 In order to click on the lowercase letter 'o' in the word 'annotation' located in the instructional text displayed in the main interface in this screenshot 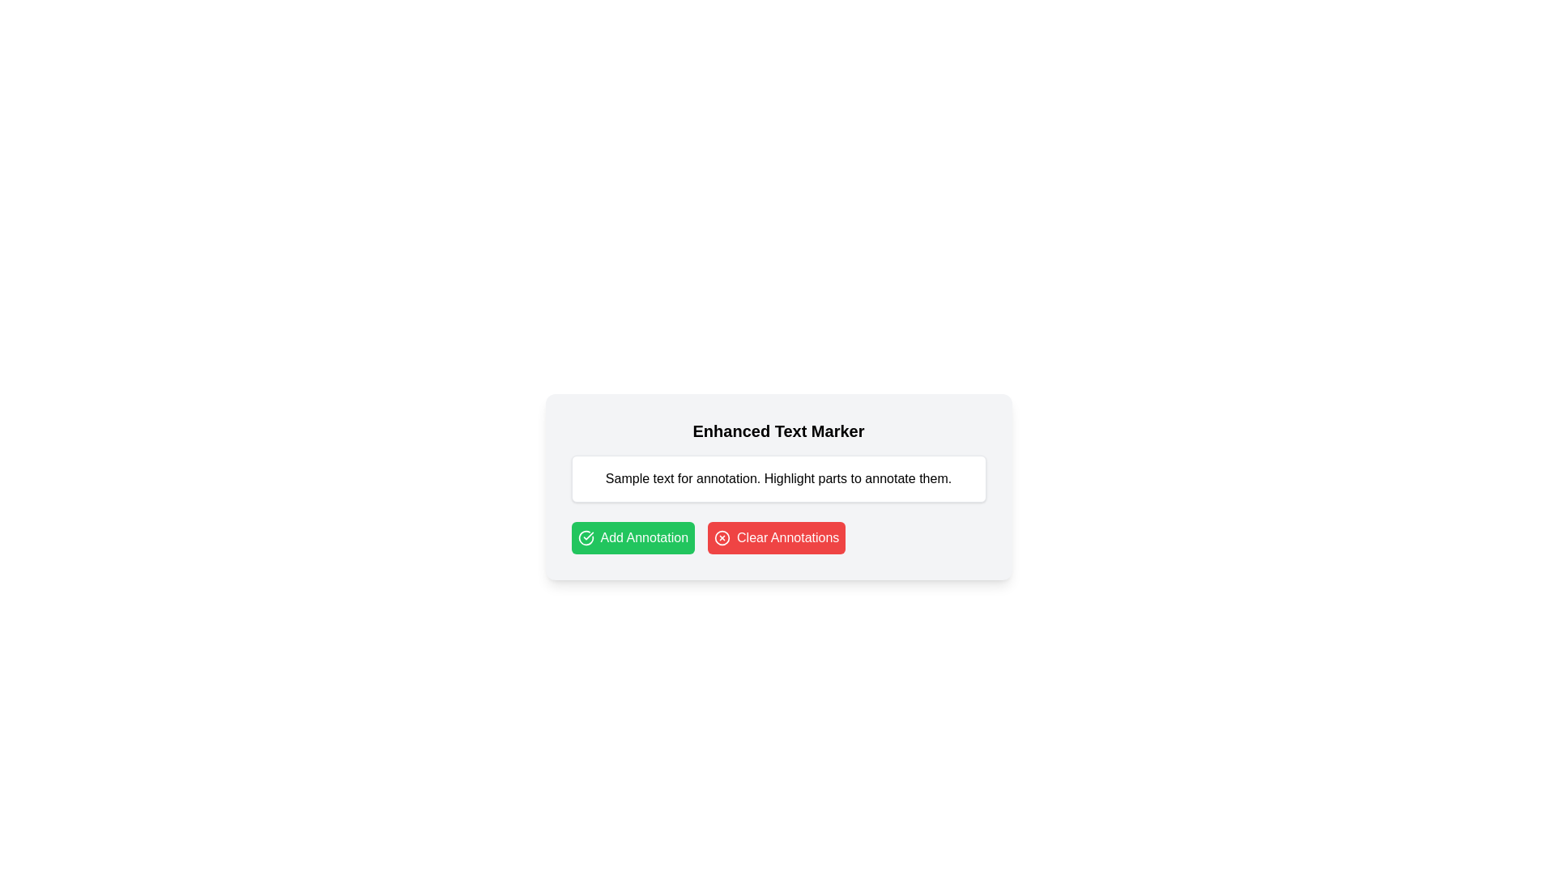, I will do `click(721, 477)`.